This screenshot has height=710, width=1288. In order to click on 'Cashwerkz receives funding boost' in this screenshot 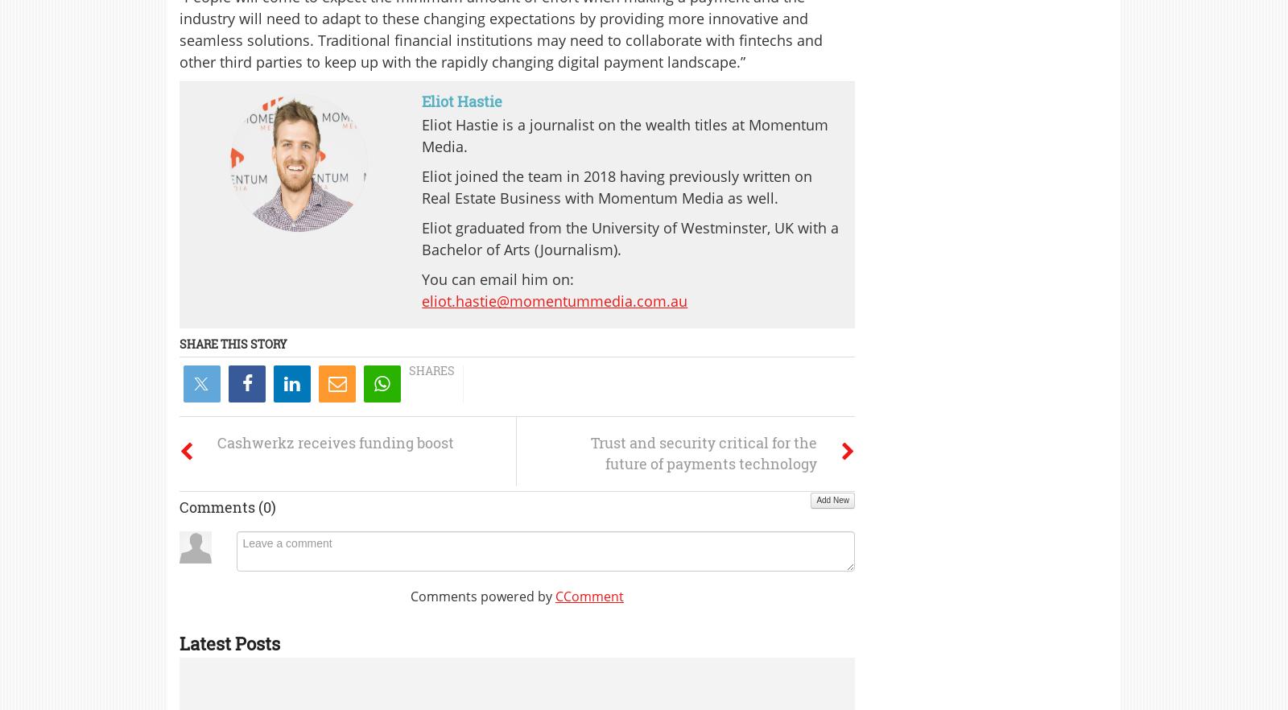, I will do `click(334, 442)`.